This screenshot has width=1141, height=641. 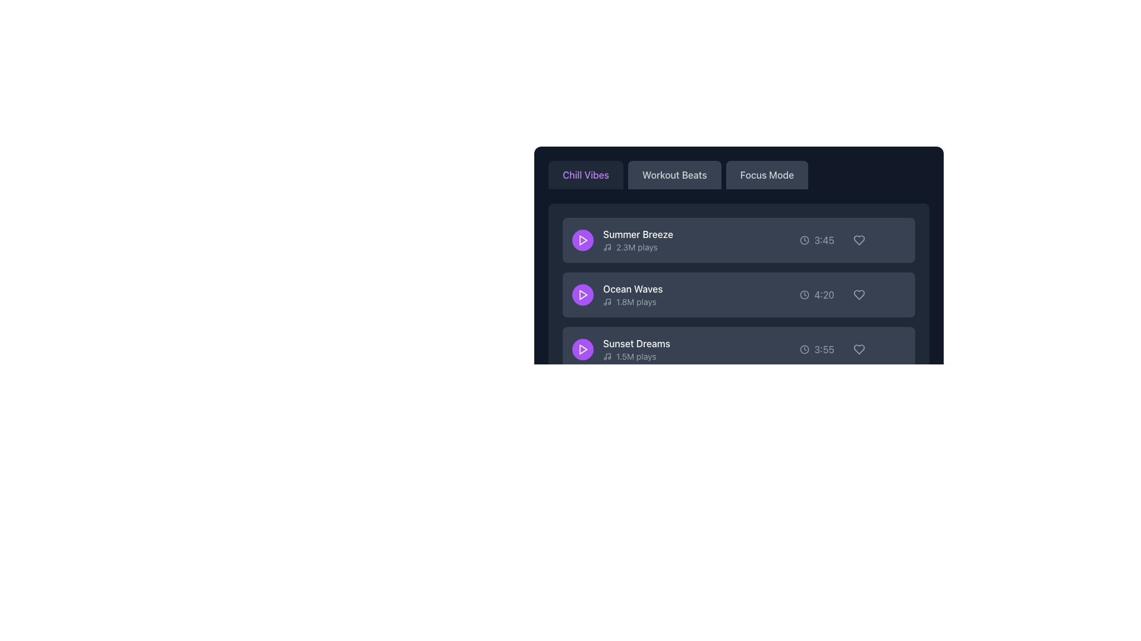 What do you see at coordinates (636, 356) in the screenshot?
I see `the text label displaying '1.5M plays' with a musical note icon, located beneath the title 'Sunset Dreams' in the third row of the vertically stacked music list` at bounding box center [636, 356].